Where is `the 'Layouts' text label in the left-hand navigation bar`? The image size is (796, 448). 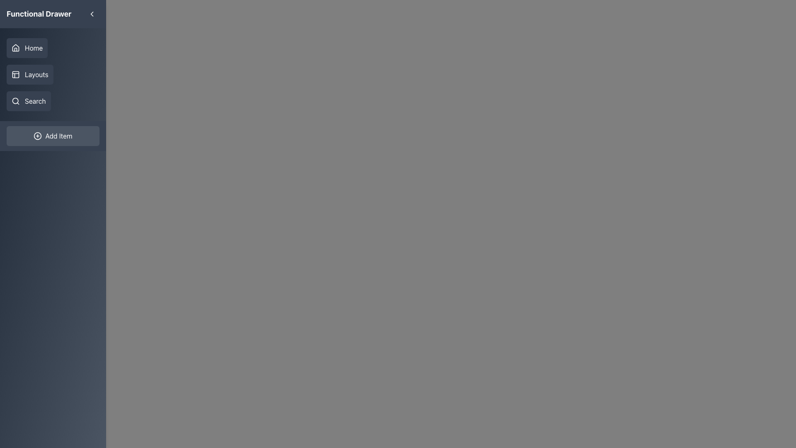
the 'Layouts' text label in the left-hand navigation bar is located at coordinates (36, 75).